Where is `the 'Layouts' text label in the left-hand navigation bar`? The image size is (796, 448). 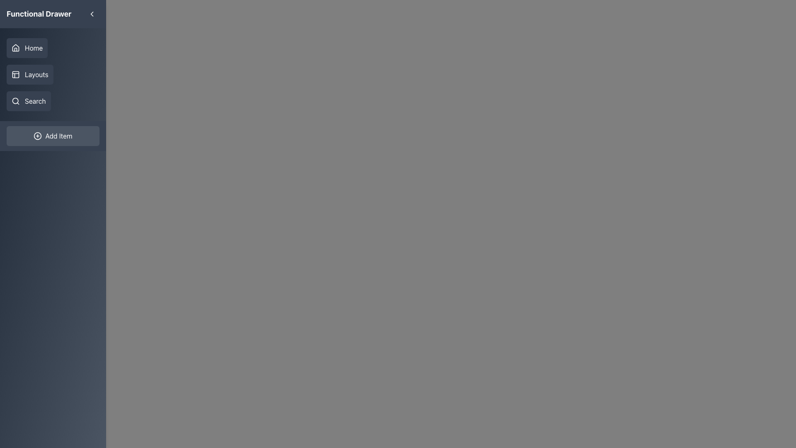
the 'Layouts' text label in the left-hand navigation bar is located at coordinates (36, 75).